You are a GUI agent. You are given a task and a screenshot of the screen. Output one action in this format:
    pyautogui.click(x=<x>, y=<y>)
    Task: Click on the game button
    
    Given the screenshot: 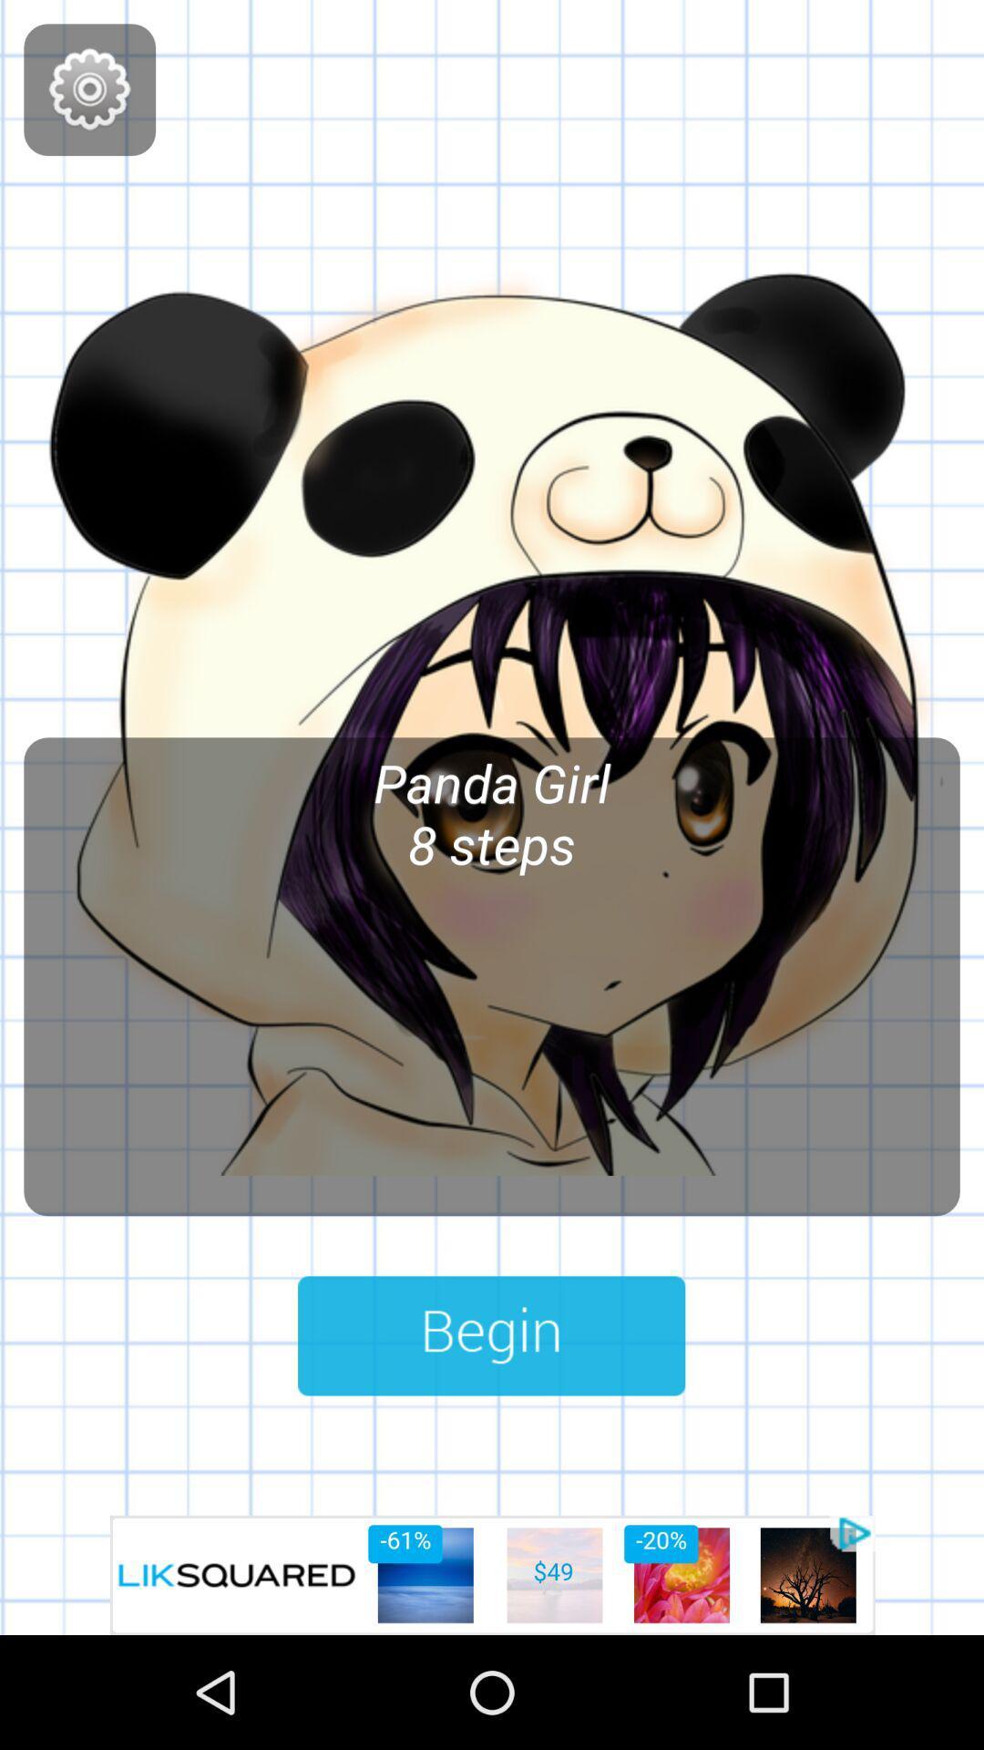 What is the action you would take?
    pyautogui.click(x=490, y=1335)
    